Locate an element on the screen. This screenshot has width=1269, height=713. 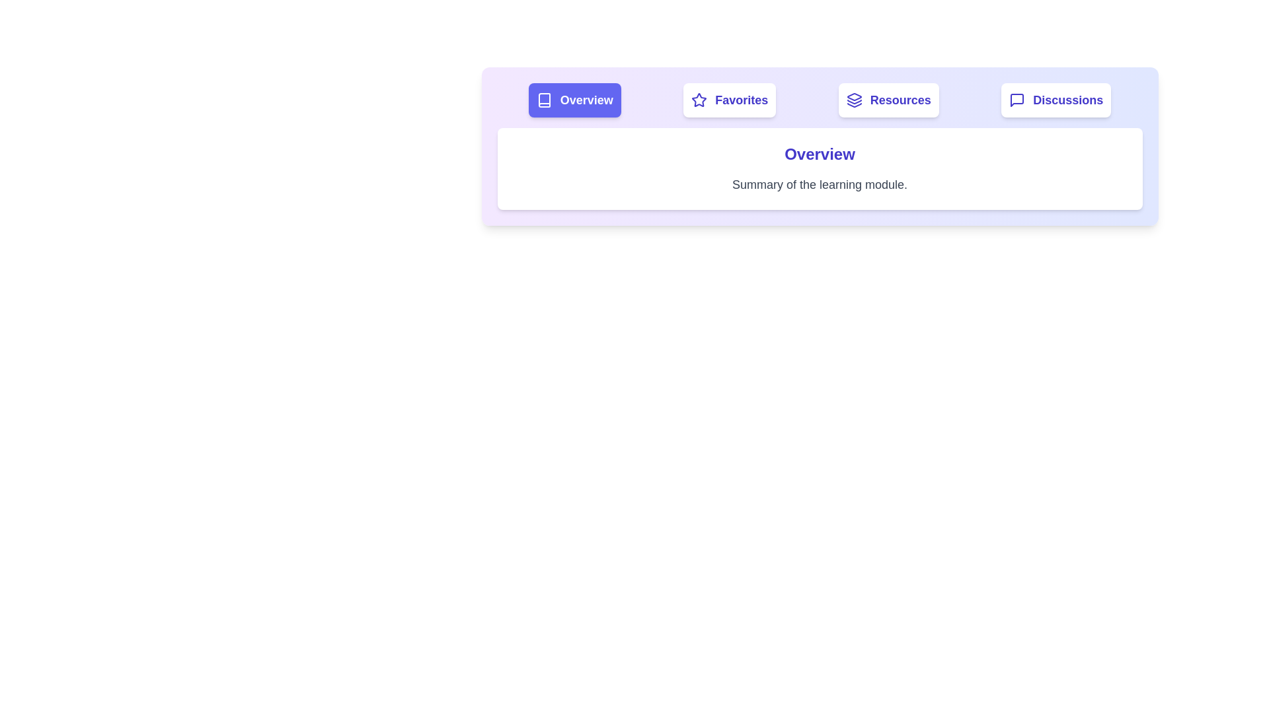
the Resources tab by clicking on its button is located at coordinates (888, 99).